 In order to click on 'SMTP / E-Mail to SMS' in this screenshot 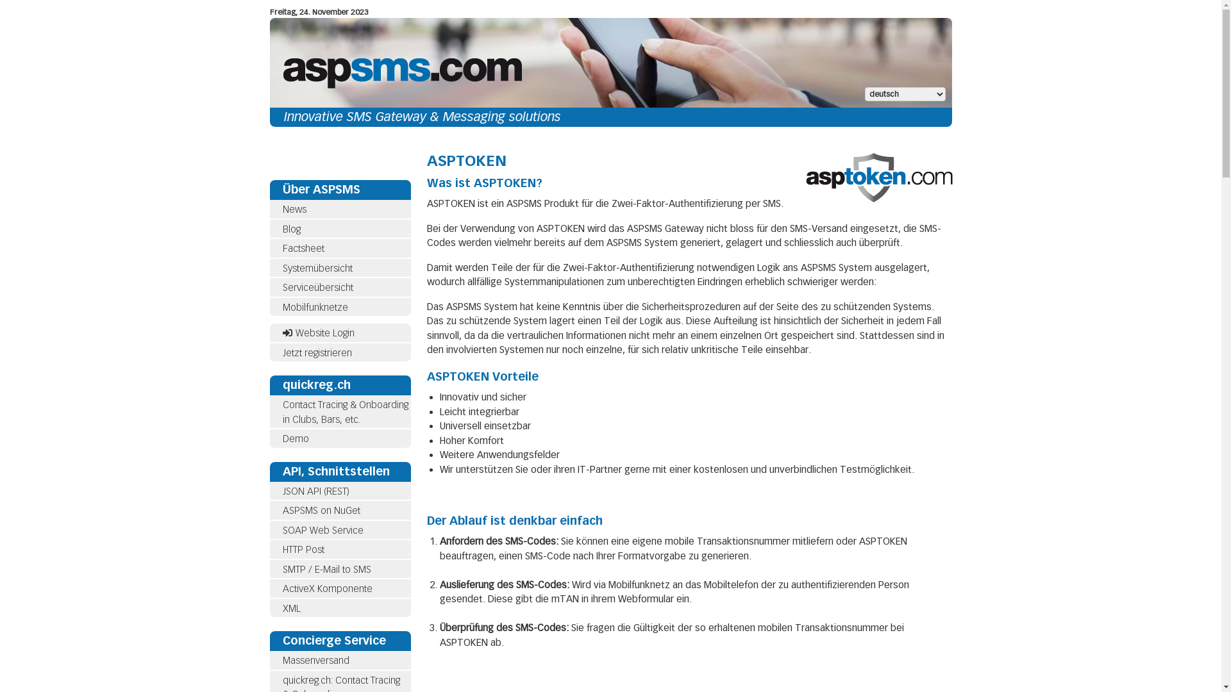, I will do `click(281, 568)`.